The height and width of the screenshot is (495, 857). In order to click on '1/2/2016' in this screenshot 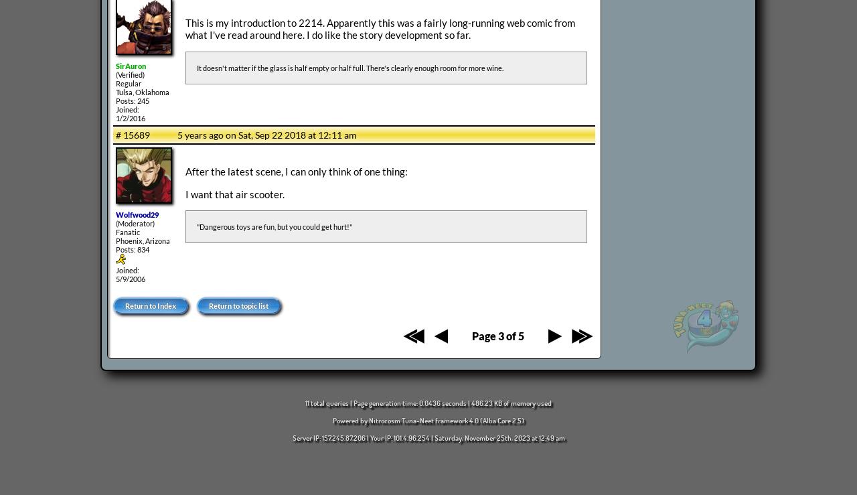, I will do `click(130, 118)`.